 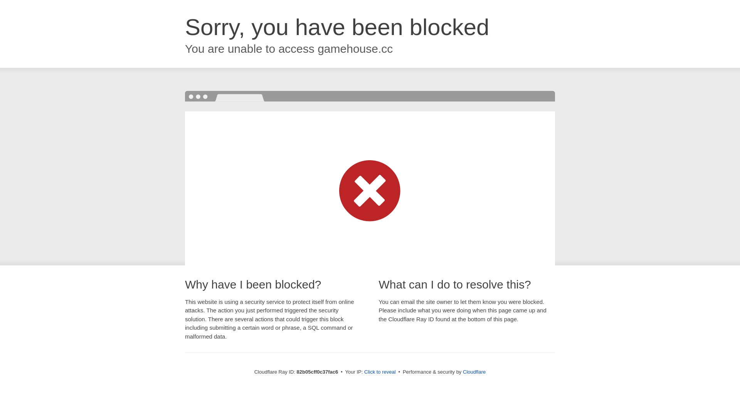 What do you see at coordinates (364, 371) in the screenshot?
I see `'Click to reveal'` at bounding box center [364, 371].